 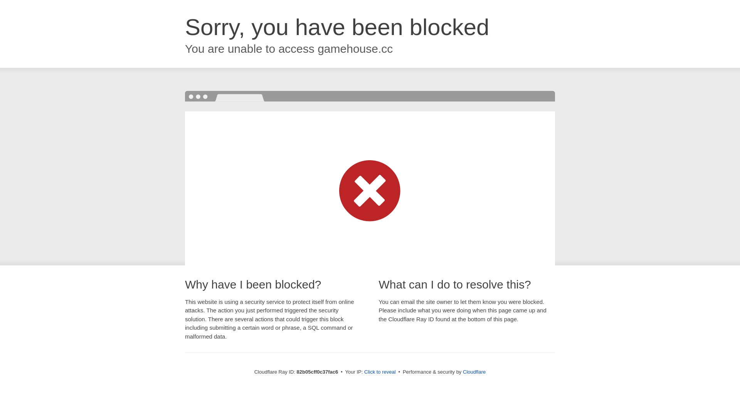 What do you see at coordinates (364, 371) in the screenshot?
I see `'Click to reveal'` at bounding box center [364, 371].